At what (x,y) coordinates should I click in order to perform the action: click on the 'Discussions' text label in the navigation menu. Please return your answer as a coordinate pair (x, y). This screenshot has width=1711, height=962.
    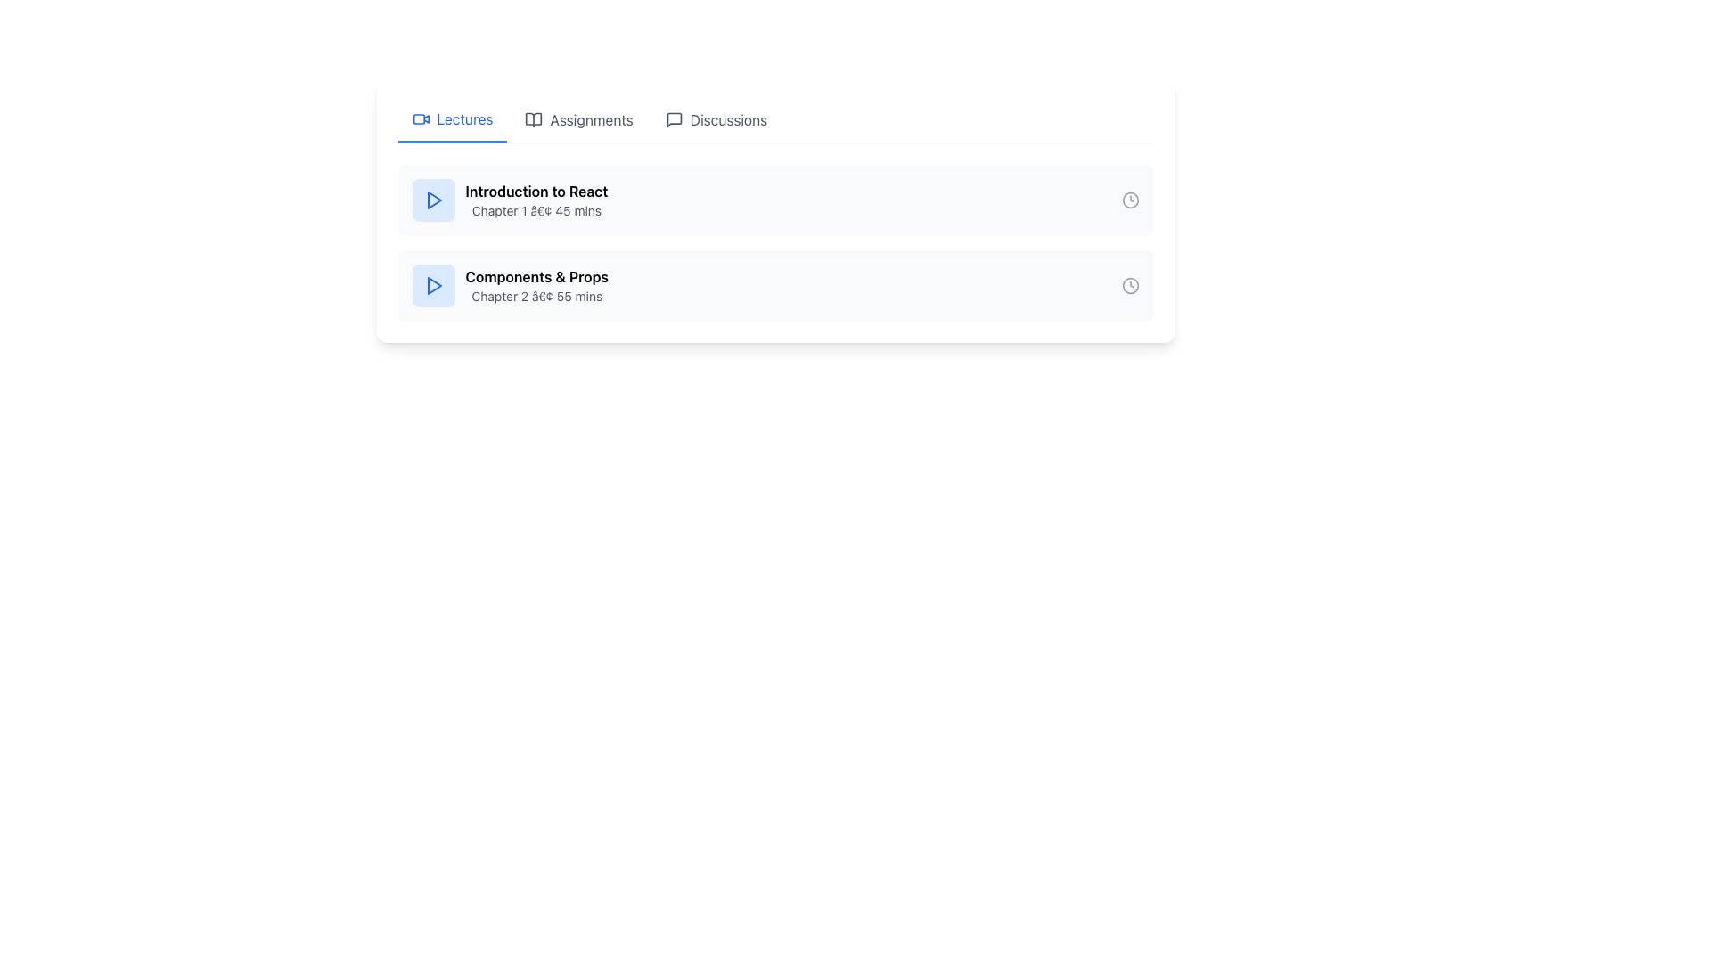
    Looking at the image, I should click on (728, 120).